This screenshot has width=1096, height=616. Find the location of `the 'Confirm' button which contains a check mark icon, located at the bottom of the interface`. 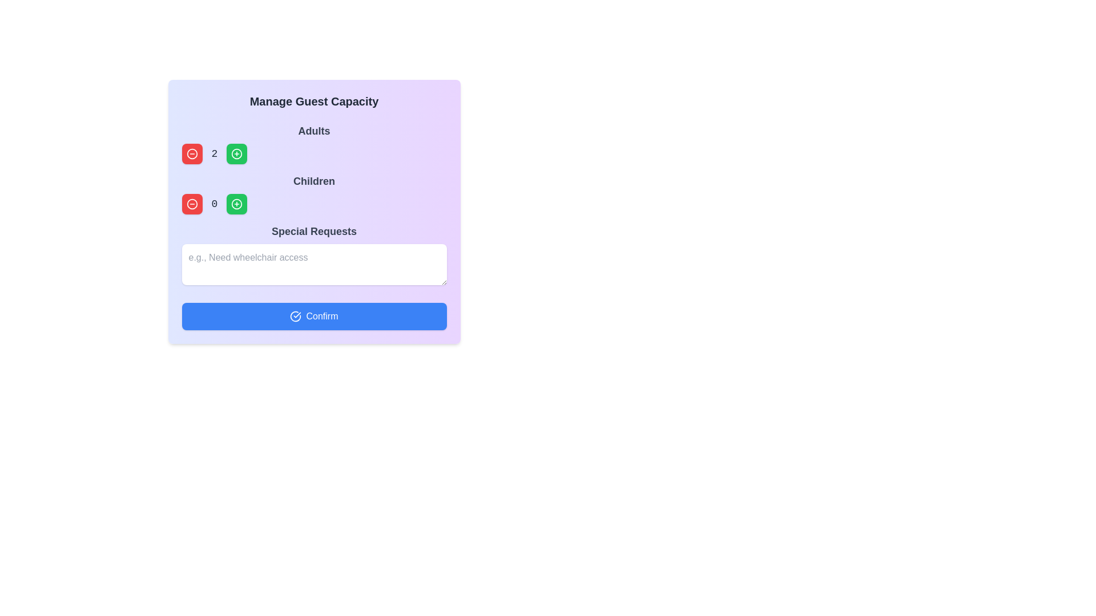

the 'Confirm' button which contains a check mark icon, located at the bottom of the interface is located at coordinates (296, 317).